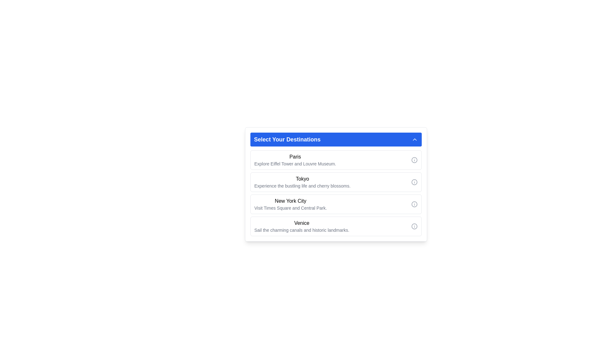 The image size is (607, 341). I want to click on the informational card for Venice, located below the New York City item in the 'Select Your Destinations' panel, so click(335, 226).